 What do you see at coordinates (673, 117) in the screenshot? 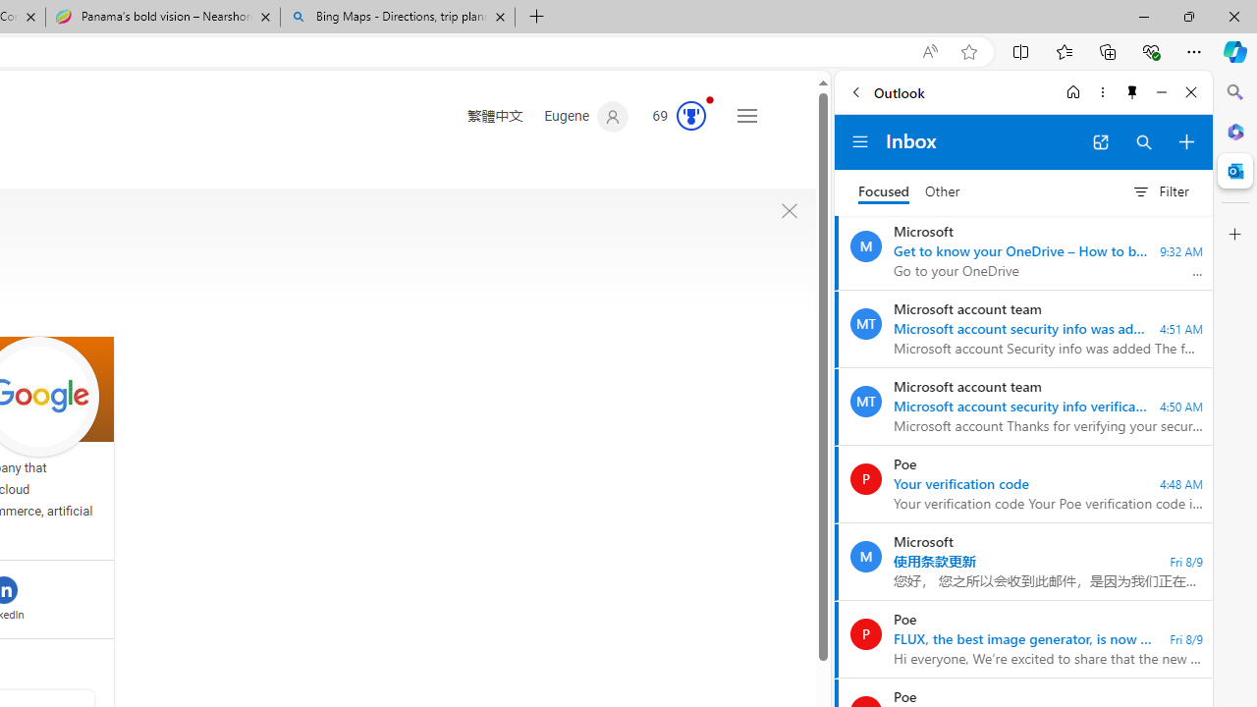
I see `'Microsoft Rewards 69'` at bounding box center [673, 117].